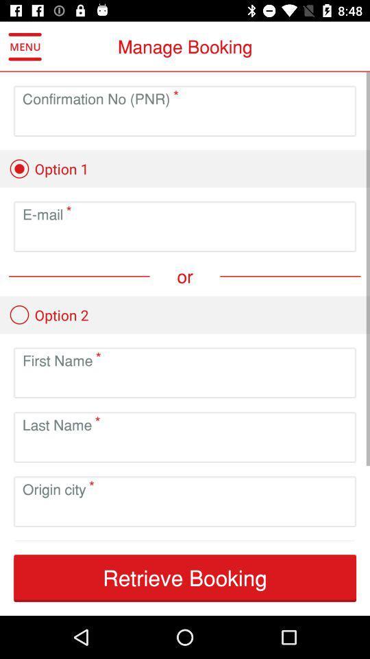 The height and width of the screenshot is (659, 370). I want to click on e-mail, so click(185, 238).